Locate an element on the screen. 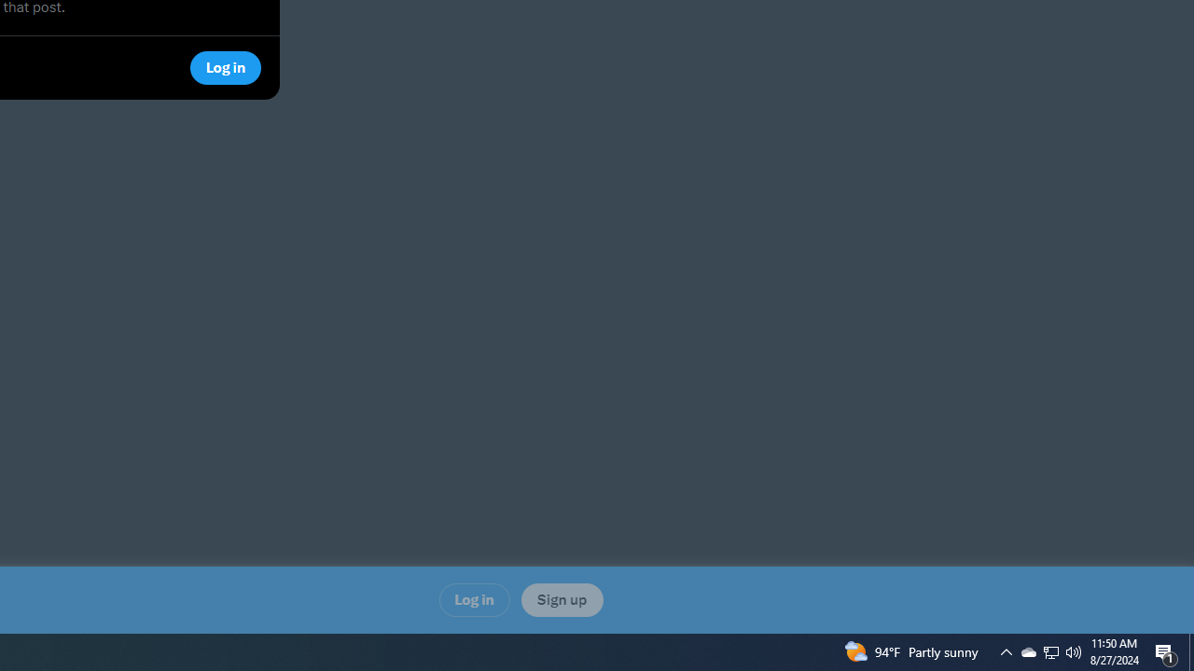  'Sign up' is located at coordinates (561, 599).